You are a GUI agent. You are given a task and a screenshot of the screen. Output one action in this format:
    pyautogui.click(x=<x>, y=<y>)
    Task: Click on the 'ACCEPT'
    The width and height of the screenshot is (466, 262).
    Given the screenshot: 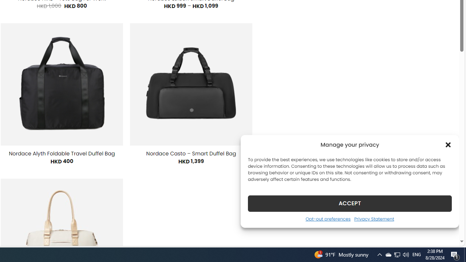 What is the action you would take?
    pyautogui.click(x=350, y=203)
    